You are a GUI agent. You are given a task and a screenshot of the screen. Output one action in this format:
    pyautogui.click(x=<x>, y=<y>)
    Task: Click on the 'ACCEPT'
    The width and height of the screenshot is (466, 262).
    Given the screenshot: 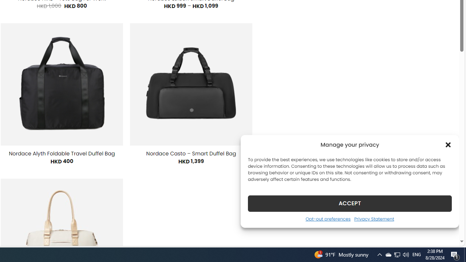 What is the action you would take?
    pyautogui.click(x=350, y=203)
    